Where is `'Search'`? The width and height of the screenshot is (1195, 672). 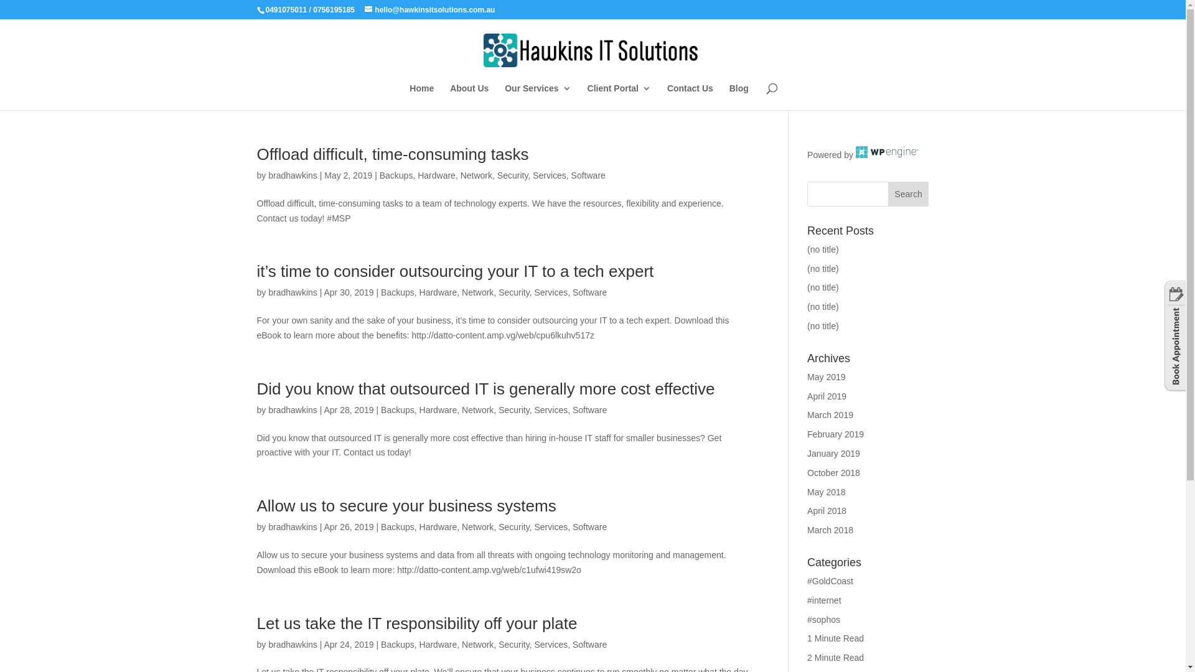 'Search' is located at coordinates (908, 194).